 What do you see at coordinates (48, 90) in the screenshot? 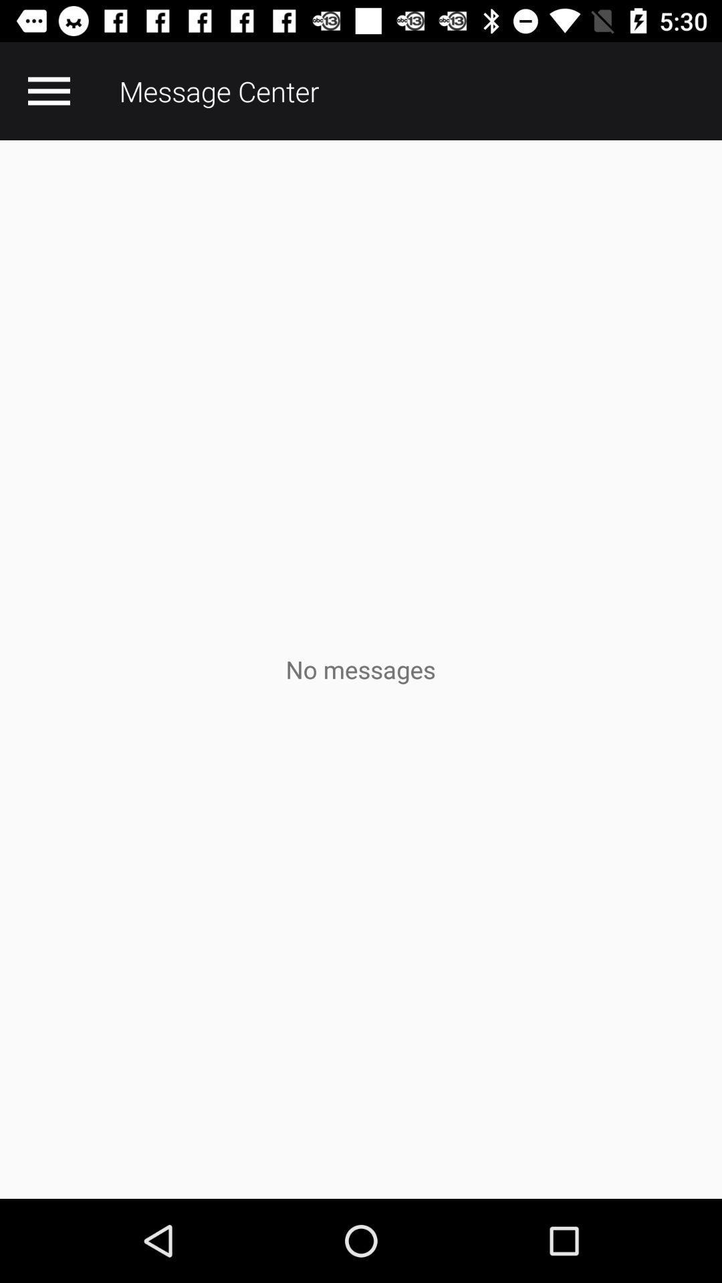
I see `open menu` at bounding box center [48, 90].